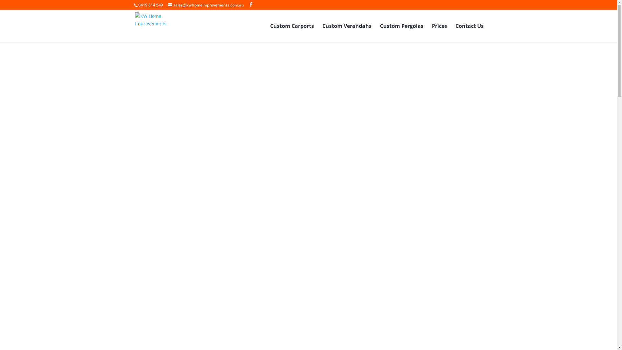 The width and height of the screenshot is (622, 350). I want to click on 'Prices', so click(439, 33).